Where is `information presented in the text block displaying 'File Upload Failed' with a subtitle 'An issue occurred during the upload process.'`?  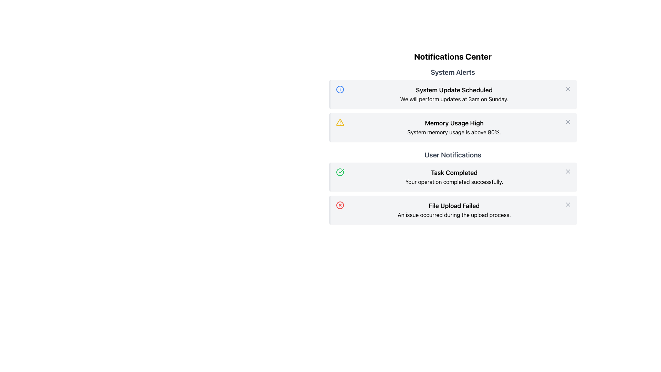
information presented in the text block displaying 'File Upload Failed' with a subtitle 'An issue occurred during the upload process.' is located at coordinates (454, 209).